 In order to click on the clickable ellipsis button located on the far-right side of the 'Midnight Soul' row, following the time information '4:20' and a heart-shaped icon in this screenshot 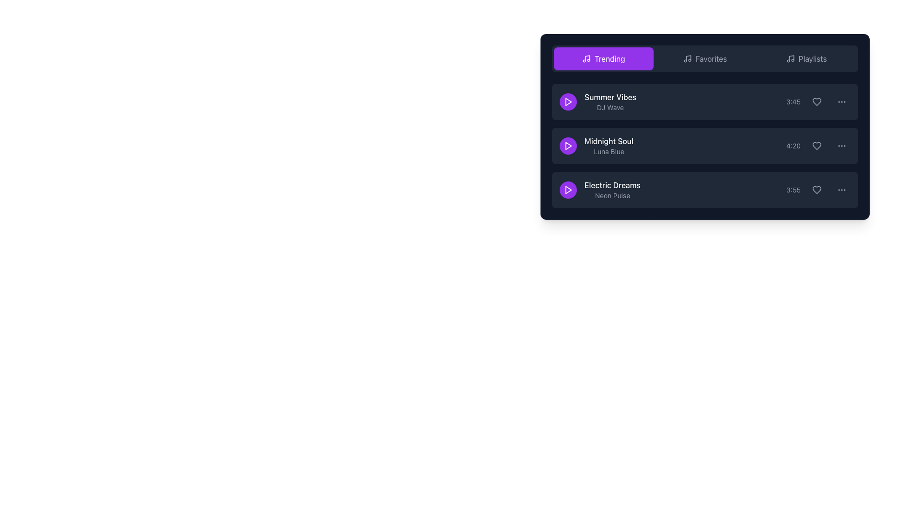, I will do `click(841, 146)`.